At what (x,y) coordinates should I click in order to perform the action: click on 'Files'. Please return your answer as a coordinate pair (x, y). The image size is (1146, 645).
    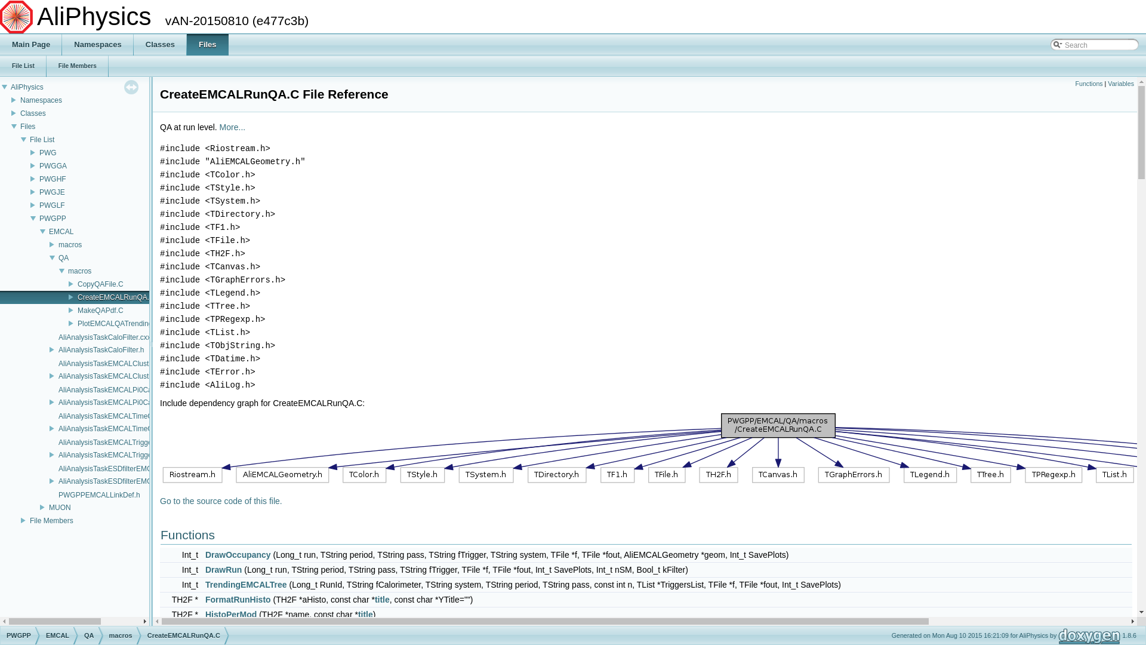
    Looking at the image, I should click on (186, 44).